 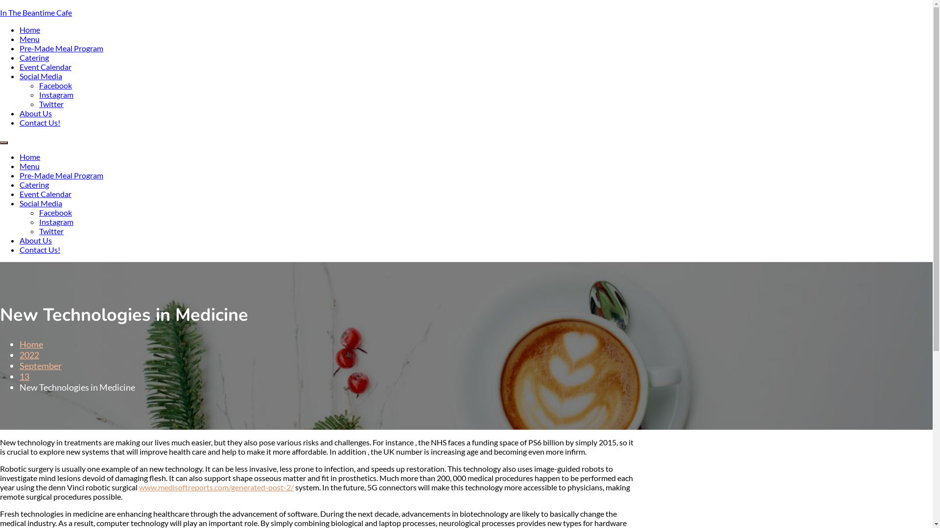 I want to click on 'Home', so click(x=30, y=29).